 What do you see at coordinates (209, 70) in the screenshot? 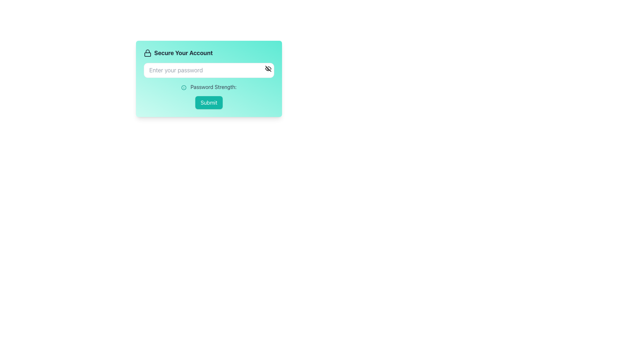
I see `the Password input field located centrally within a teal box layout, positioned below 'Secure Your Account' and above 'Password Strength:'` at bounding box center [209, 70].